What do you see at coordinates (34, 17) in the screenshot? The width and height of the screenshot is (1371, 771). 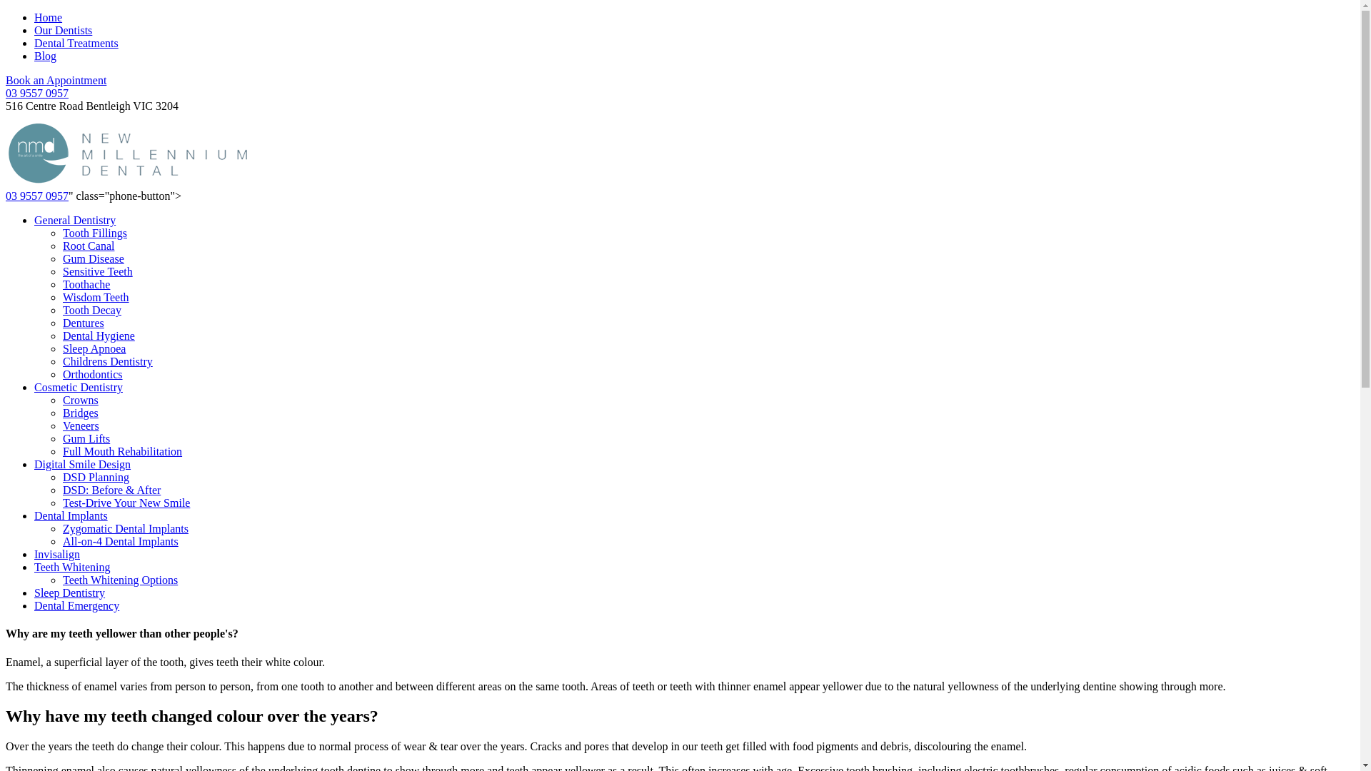 I see `'Home'` at bounding box center [34, 17].